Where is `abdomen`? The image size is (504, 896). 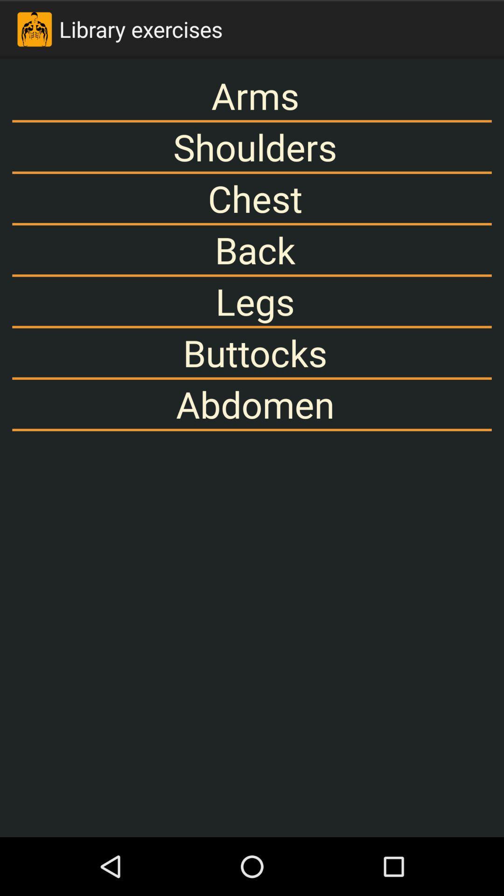 abdomen is located at coordinates (252, 404).